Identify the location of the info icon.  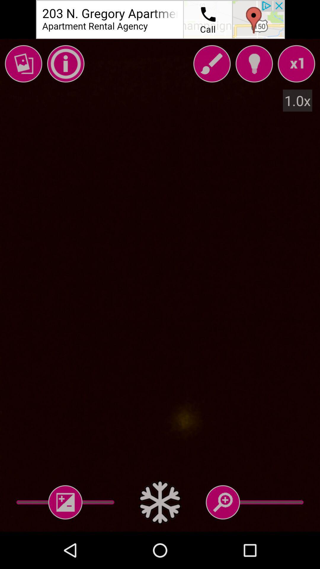
(66, 64).